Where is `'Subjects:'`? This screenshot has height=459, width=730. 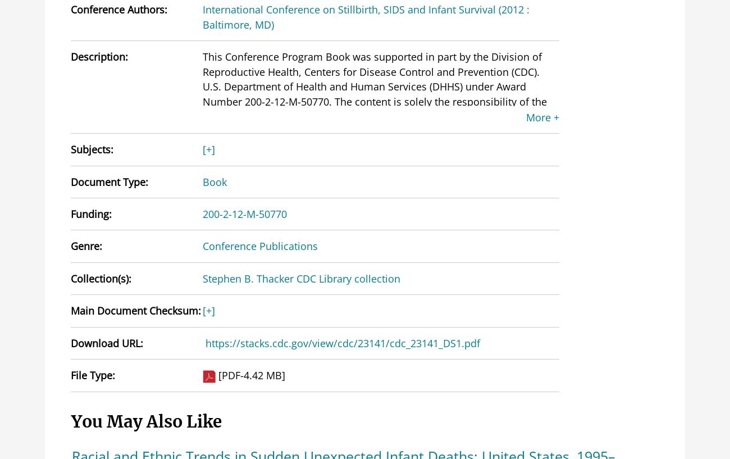 'Subjects:' is located at coordinates (92, 149).